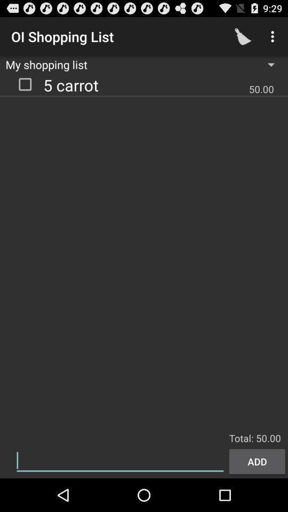 This screenshot has height=512, width=288. I want to click on typing bar, so click(119, 460).